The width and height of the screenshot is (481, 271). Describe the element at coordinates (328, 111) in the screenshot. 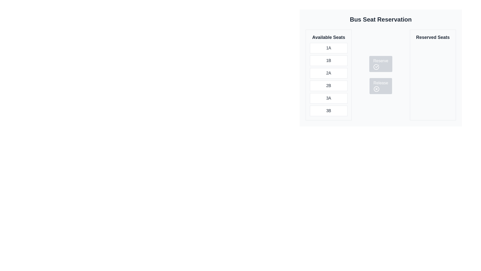

I see `the button labeled '3B' at the bottom of the vertical list of seat selection elements` at that location.